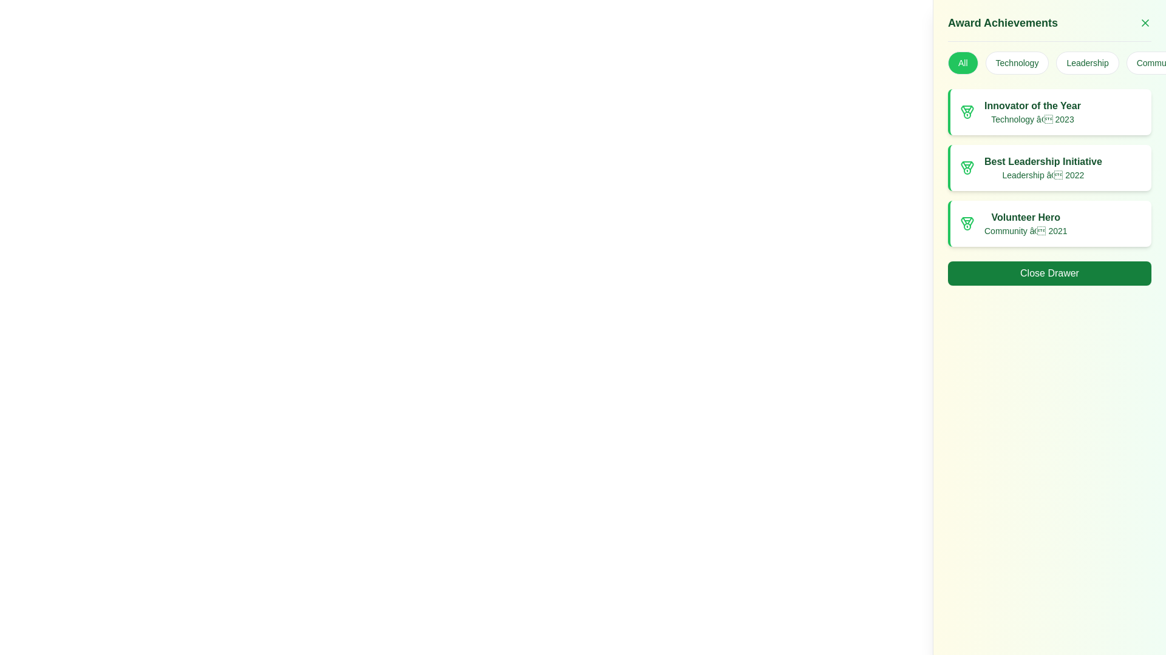  Describe the element at coordinates (967, 166) in the screenshot. I see `the decorative vector element within the medal icon of the 'Best Leadership Initiative - Leadership 2022' list item` at that location.